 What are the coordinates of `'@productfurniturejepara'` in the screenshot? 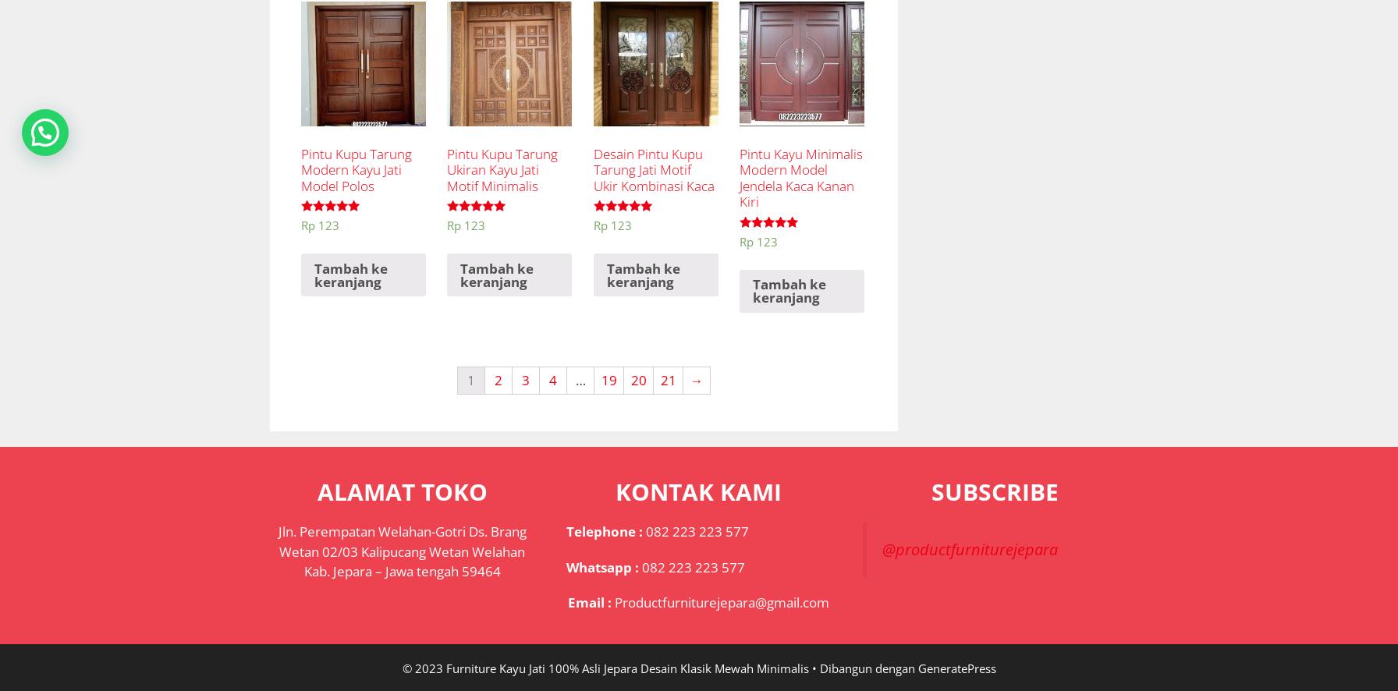 It's located at (969, 548).